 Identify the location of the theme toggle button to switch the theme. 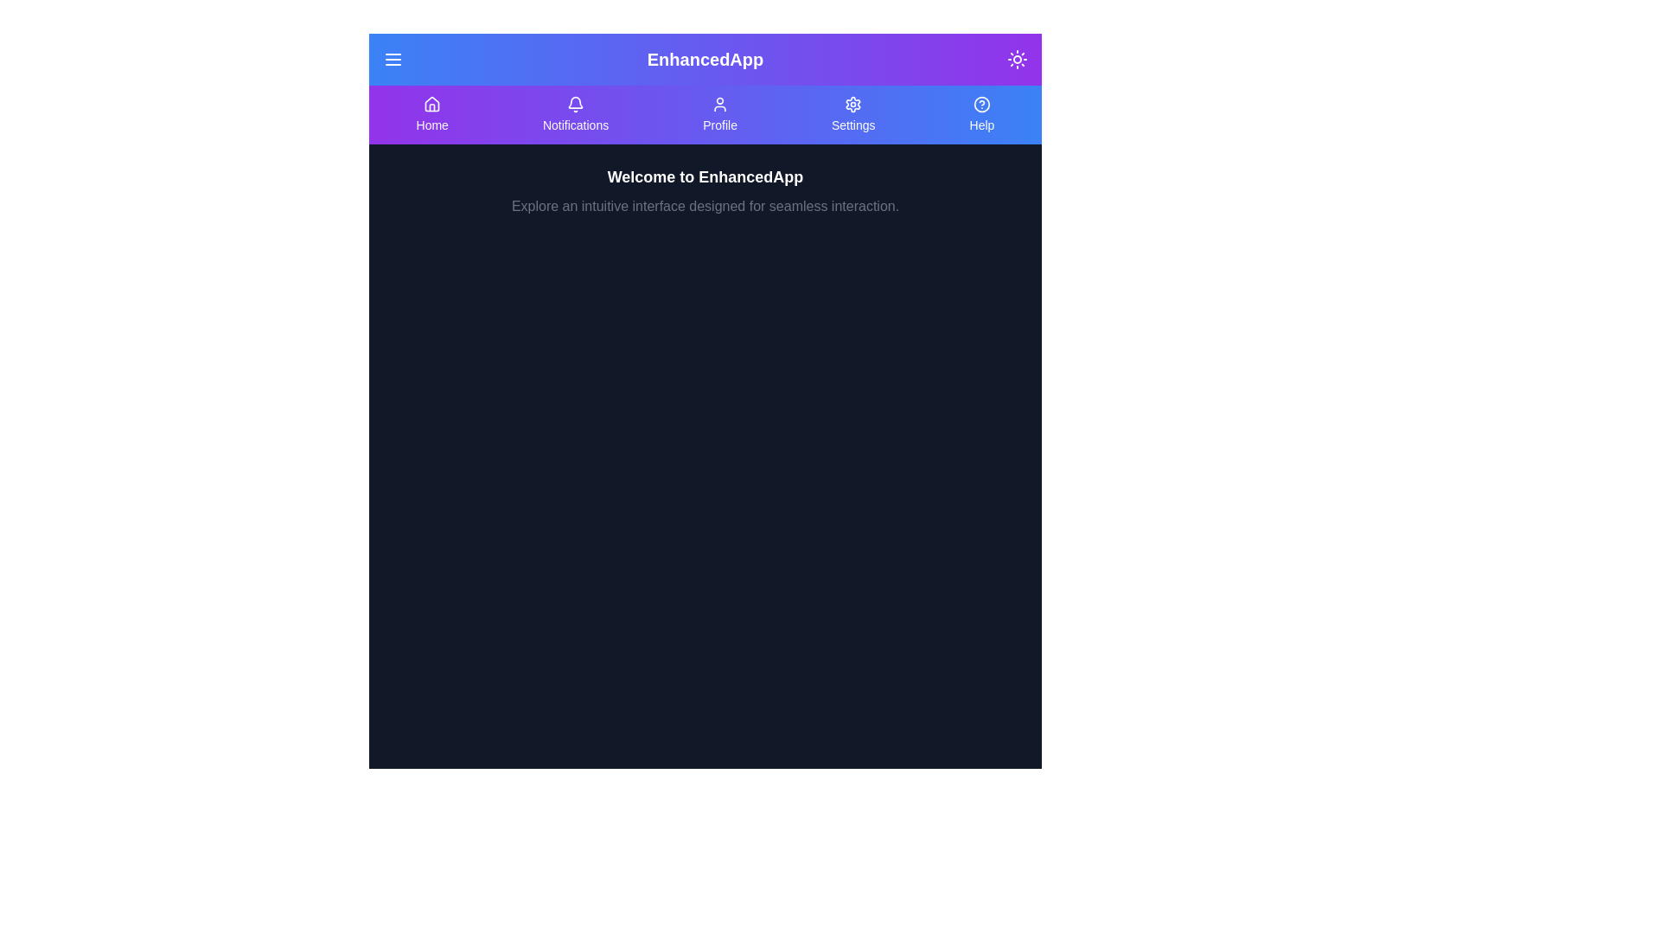
(1017, 59).